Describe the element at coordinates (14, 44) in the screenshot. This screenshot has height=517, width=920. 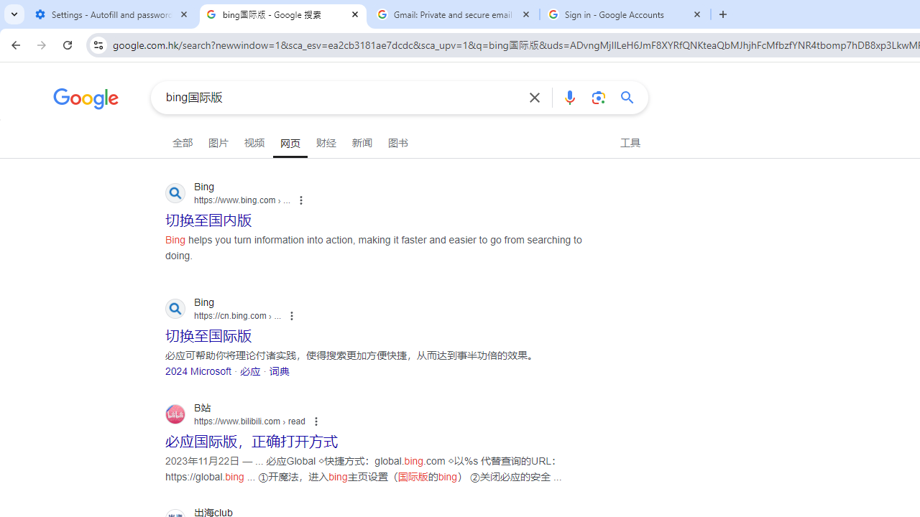
I see `'Back'` at that location.